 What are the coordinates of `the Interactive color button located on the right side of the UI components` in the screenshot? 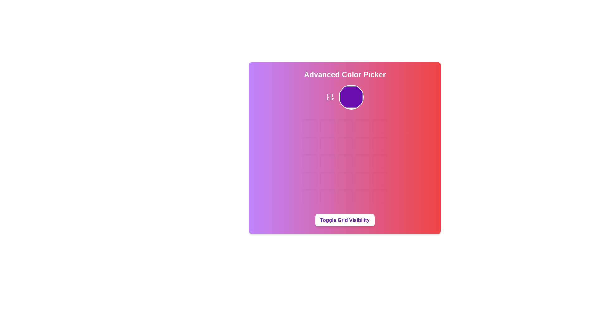 It's located at (351, 97).